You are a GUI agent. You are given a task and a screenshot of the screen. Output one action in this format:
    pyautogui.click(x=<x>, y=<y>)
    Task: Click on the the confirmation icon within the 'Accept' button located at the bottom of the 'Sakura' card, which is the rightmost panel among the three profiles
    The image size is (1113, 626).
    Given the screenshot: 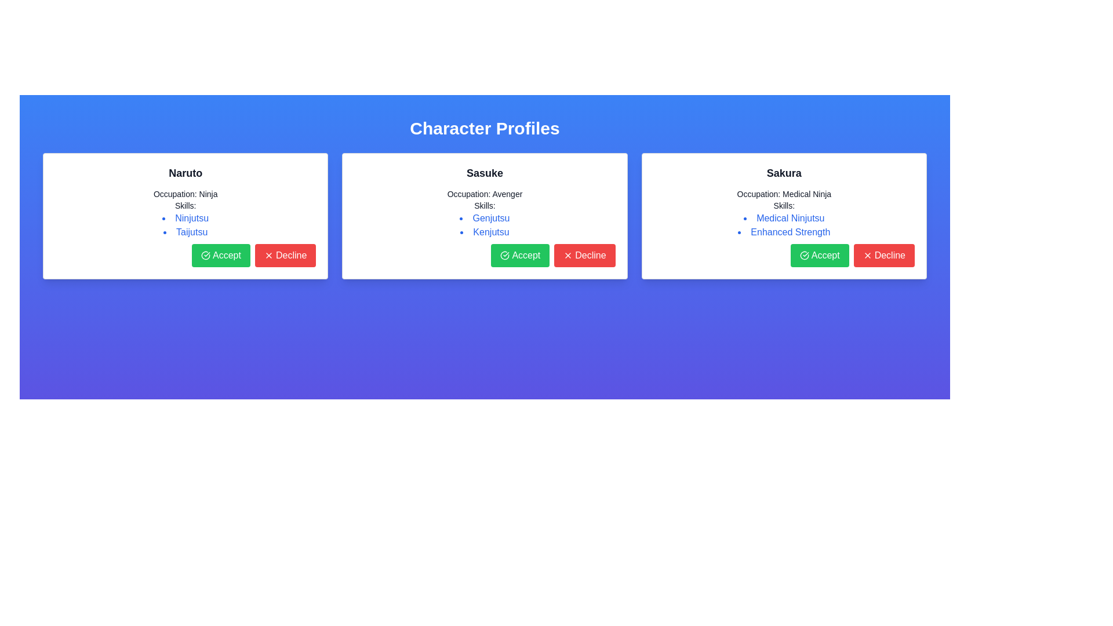 What is the action you would take?
    pyautogui.click(x=803, y=254)
    